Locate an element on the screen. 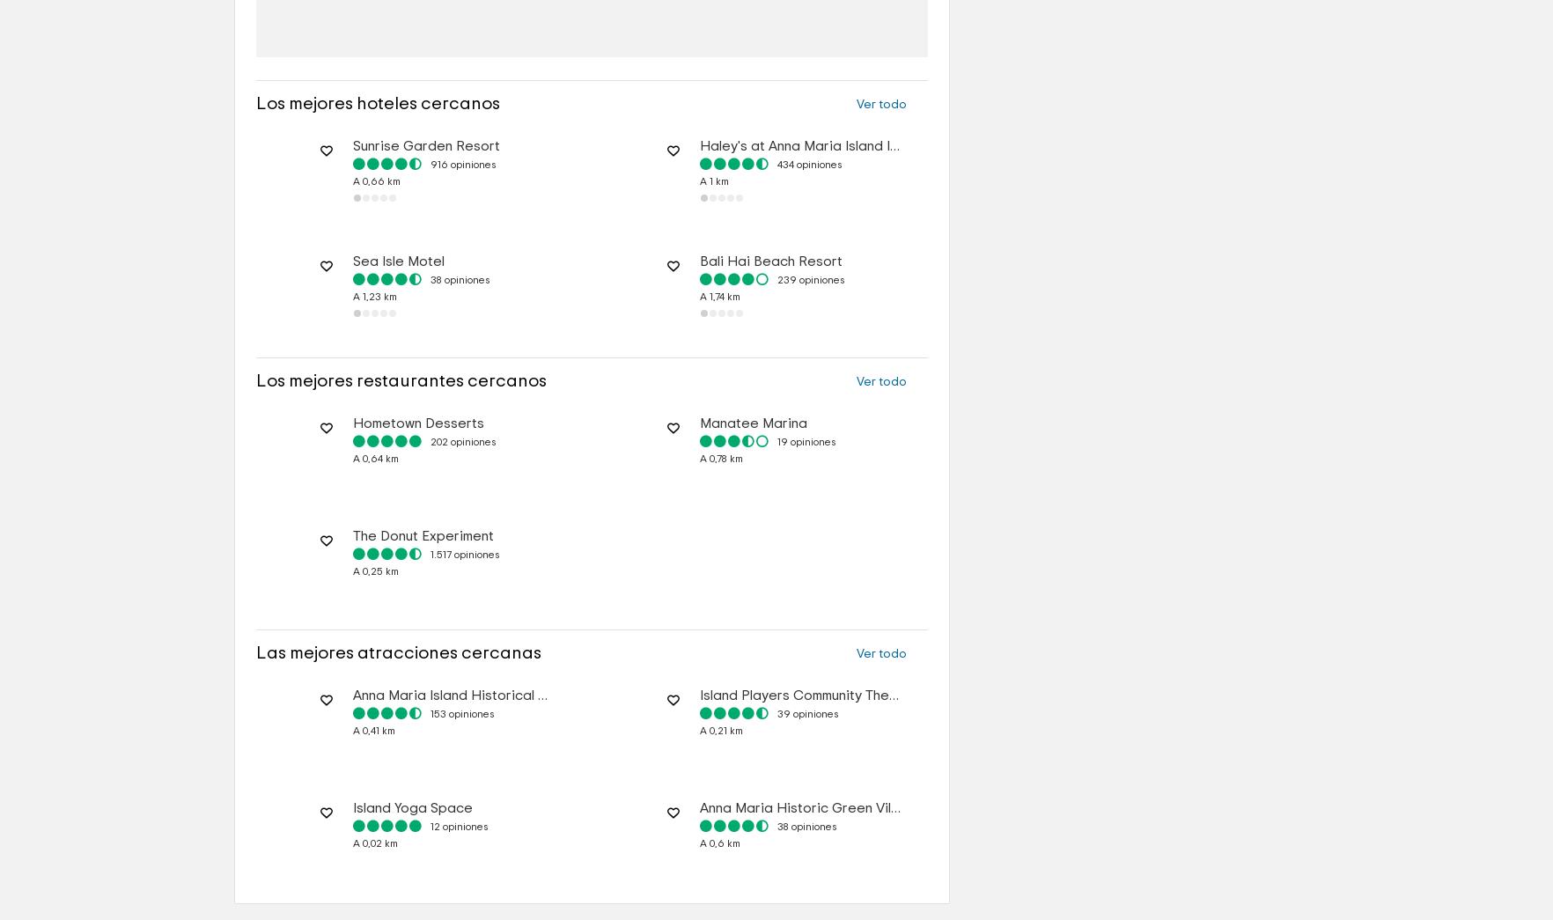 The height and width of the screenshot is (920, 1553). 'A 0,21 km' is located at coordinates (720, 784).